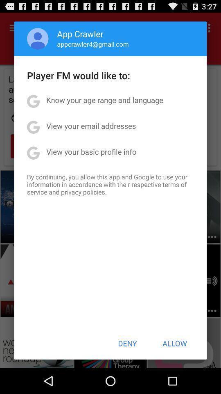 The width and height of the screenshot is (221, 394). Describe the element at coordinates (127, 343) in the screenshot. I see `the app below by continuing you item` at that location.